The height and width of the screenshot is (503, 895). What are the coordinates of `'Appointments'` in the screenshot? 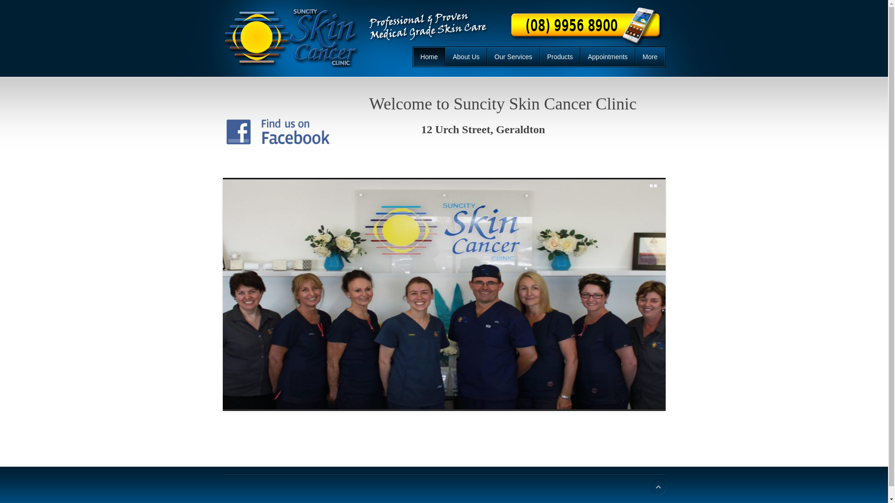 It's located at (608, 57).